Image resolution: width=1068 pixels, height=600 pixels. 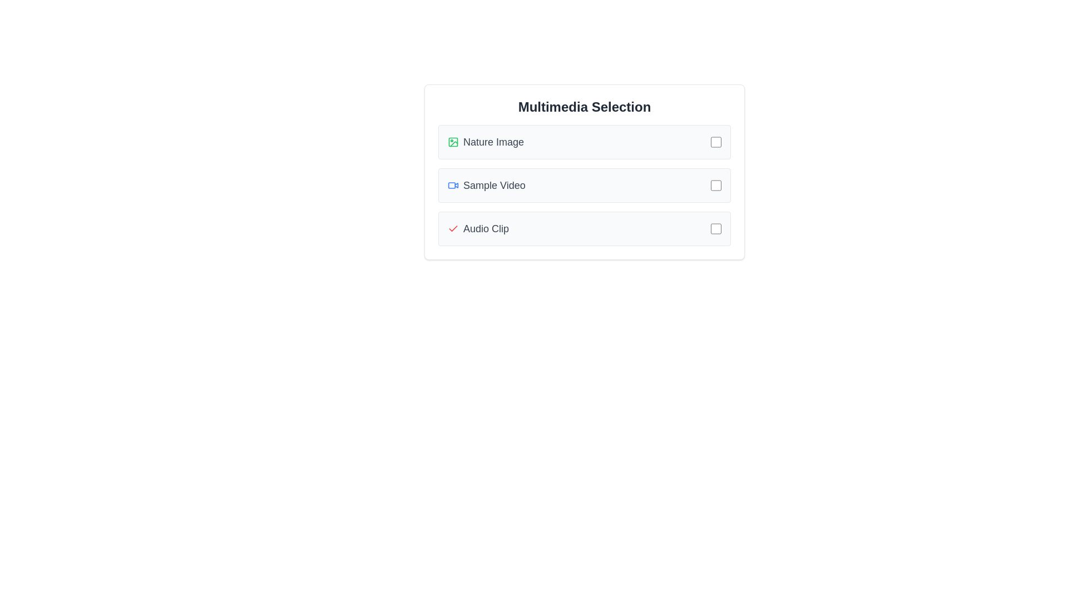 What do you see at coordinates (493, 141) in the screenshot?
I see `text label that reads 'Nature Image', which is styled in gray with a larger font size and is part of the multimedia selection menu` at bounding box center [493, 141].